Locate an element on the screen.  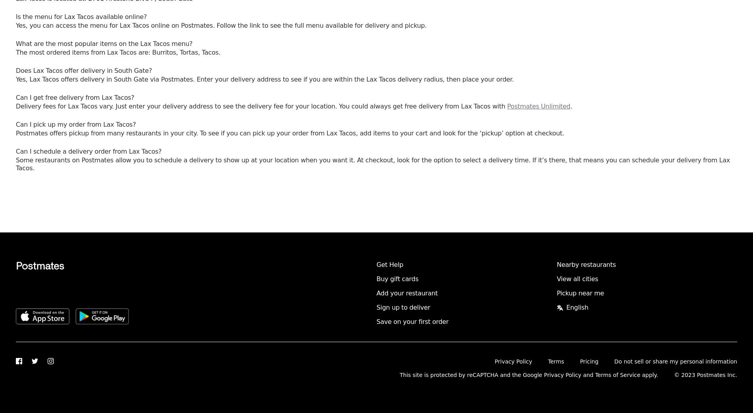
'Some restaurants on Postmates allow you to schedule a delivery to show up at your location when you want it. At checkout, look for the option to select a delivery time. If it’s there, that means you can schedule your delivery from Lax Tacos.' is located at coordinates (373, 164).